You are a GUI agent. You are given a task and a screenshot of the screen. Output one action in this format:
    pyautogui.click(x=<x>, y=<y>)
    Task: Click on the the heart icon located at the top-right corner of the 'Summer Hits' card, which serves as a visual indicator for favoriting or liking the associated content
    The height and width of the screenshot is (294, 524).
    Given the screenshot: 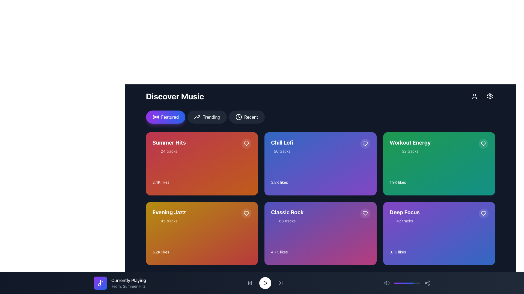 What is the action you would take?
    pyautogui.click(x=246, y=143)
    